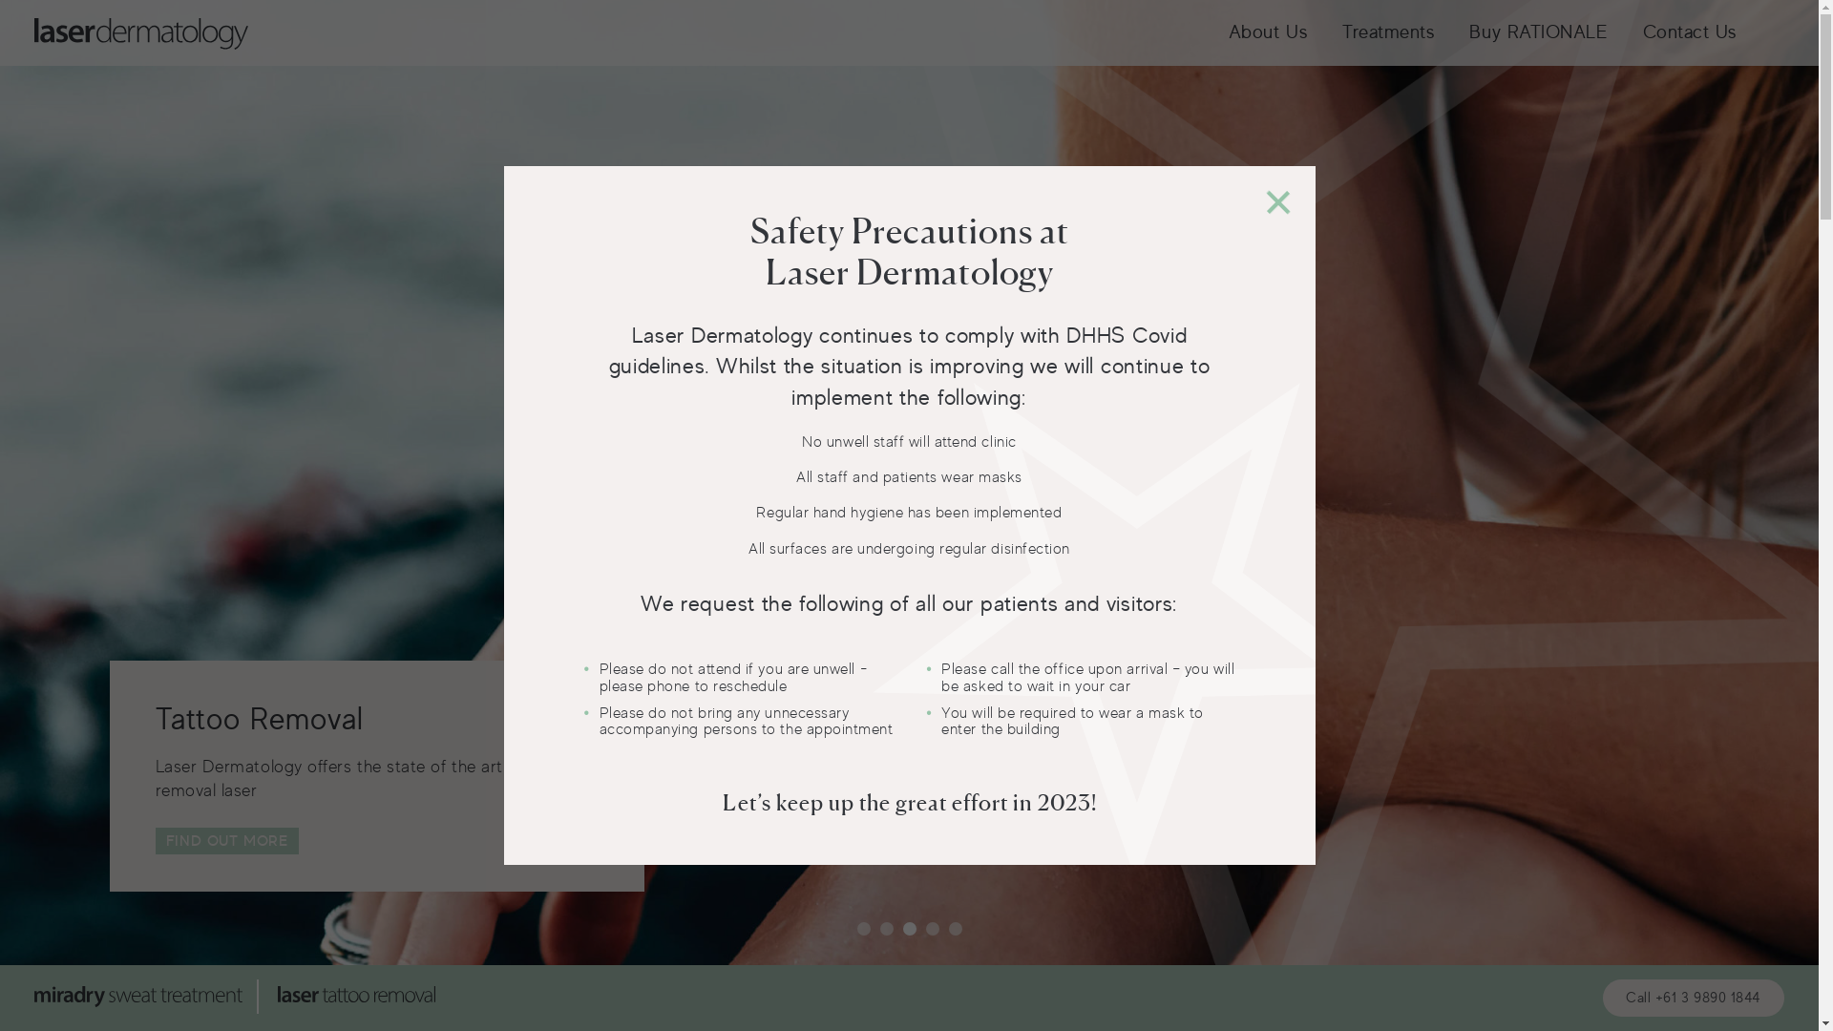 The image size is (1833, 1031). What do you see at coordinates (1249, 201) in the screenshot?
I see `'+'` at bounding box center [1249, 201].